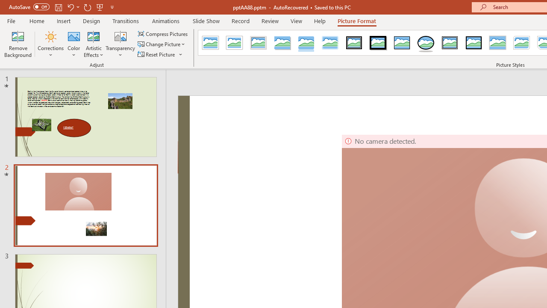  I want to click on 'Rounded Diagonal Corner, White', so click(521, 43).